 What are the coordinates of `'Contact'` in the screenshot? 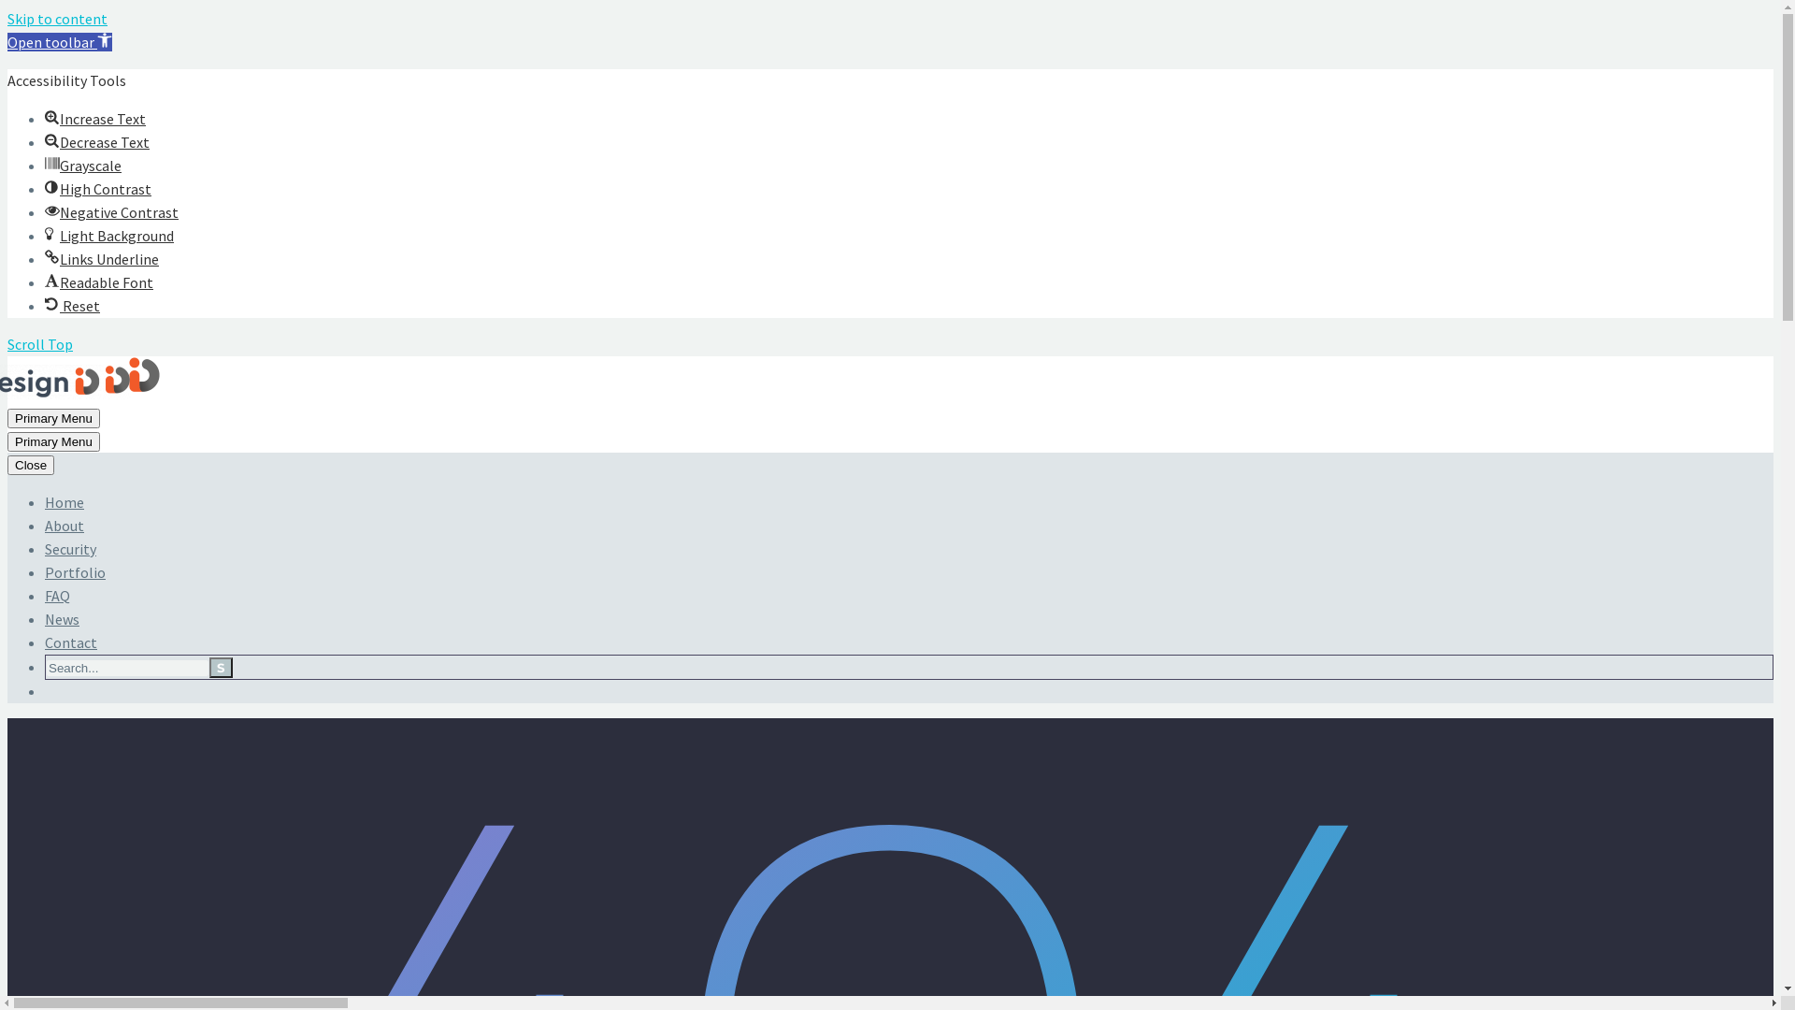 It's located at (71, 641).